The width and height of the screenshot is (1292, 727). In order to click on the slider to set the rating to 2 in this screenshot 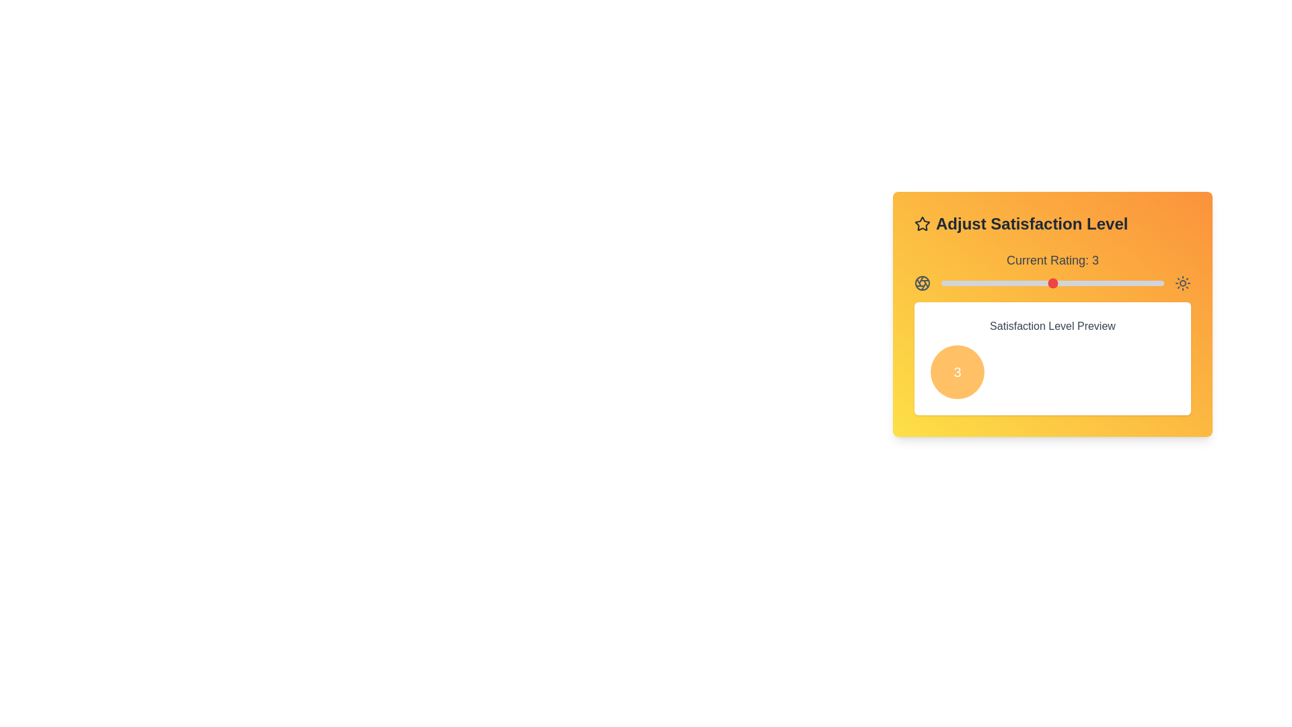, I will do `click(997, 282)`.